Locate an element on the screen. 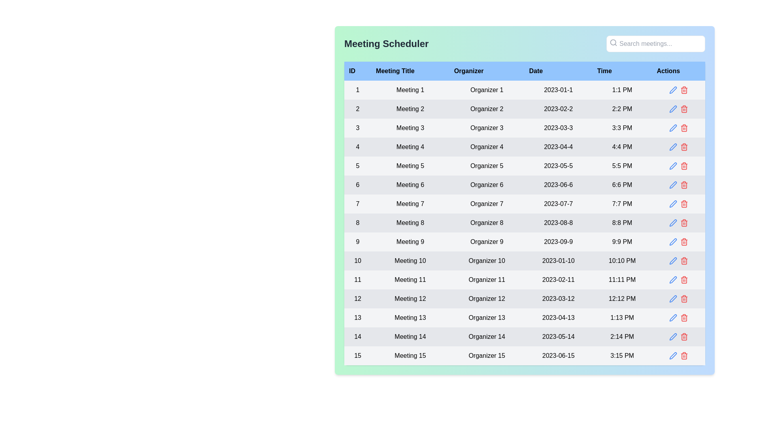  the pencil icon in the 'Actions' column of the row corresponding to 'Meeting 5' is located at coordinates (678, 166).